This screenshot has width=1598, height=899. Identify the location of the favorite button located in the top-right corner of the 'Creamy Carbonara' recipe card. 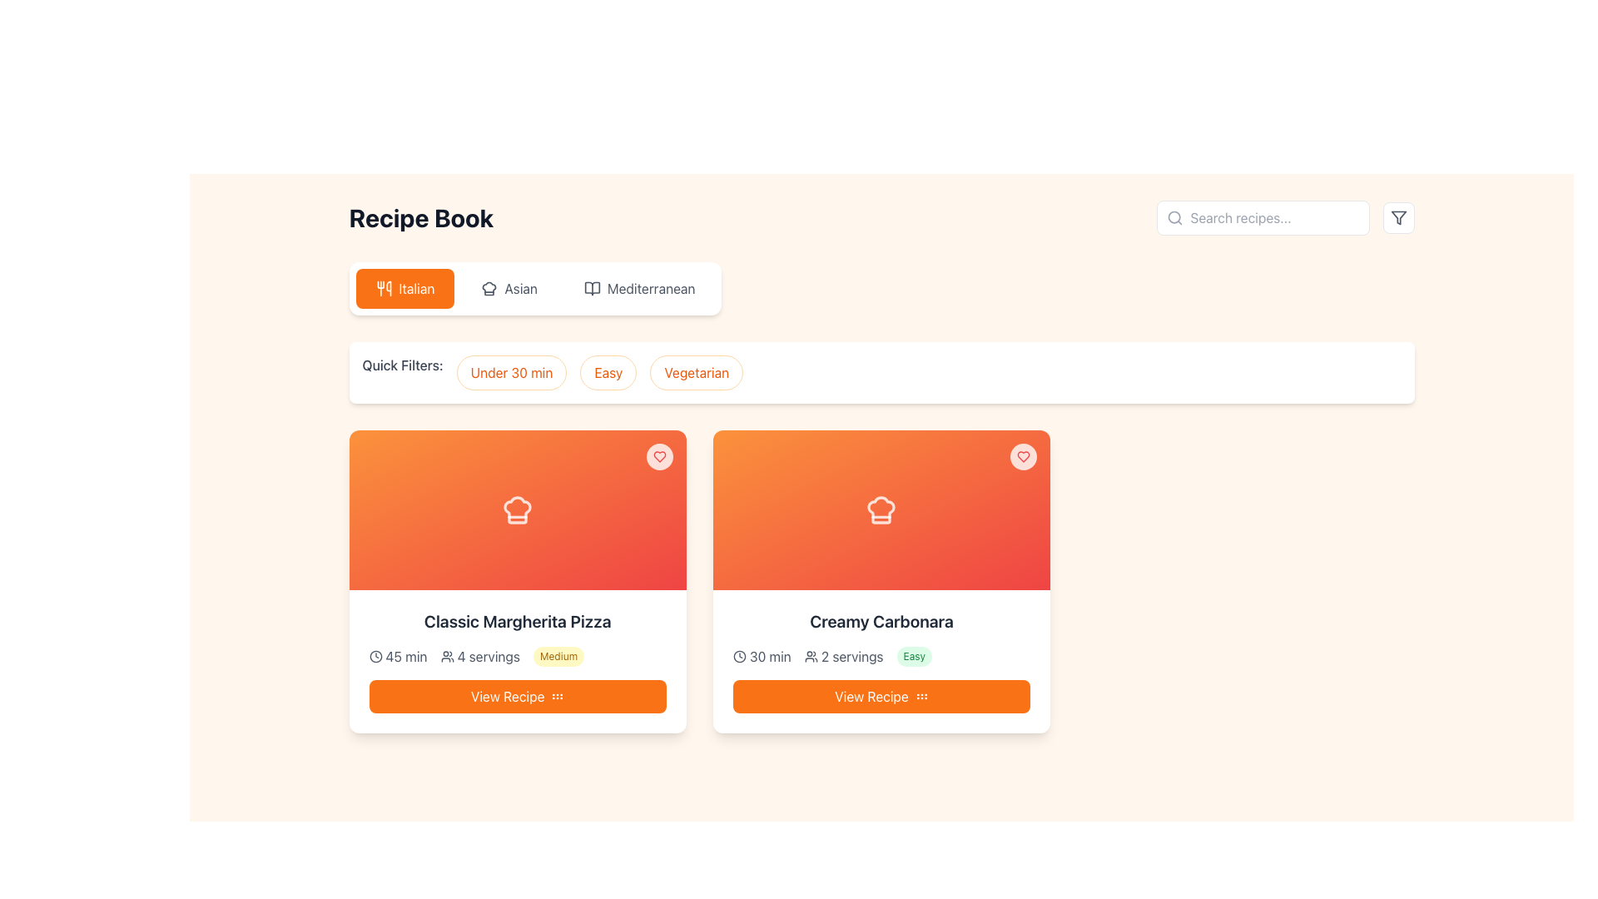
(1023, 456).